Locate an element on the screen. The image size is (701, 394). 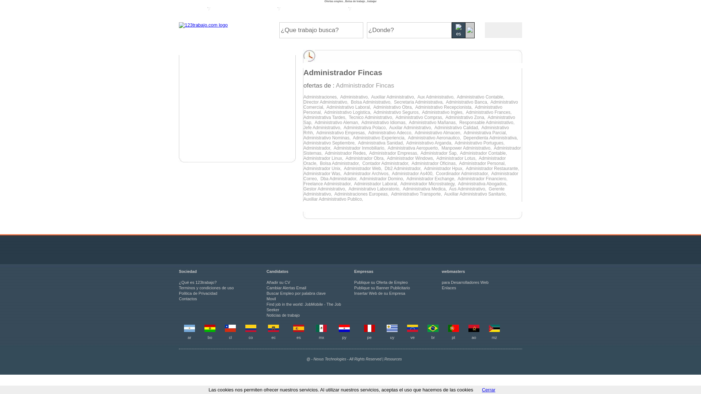
'Administraciones Europeas, ' is located at coordinates (363, 194).